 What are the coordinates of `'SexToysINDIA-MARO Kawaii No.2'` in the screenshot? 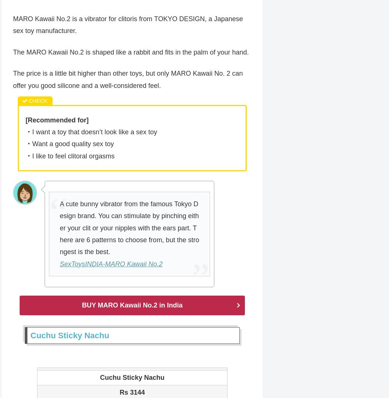 It's located at (110, 264).